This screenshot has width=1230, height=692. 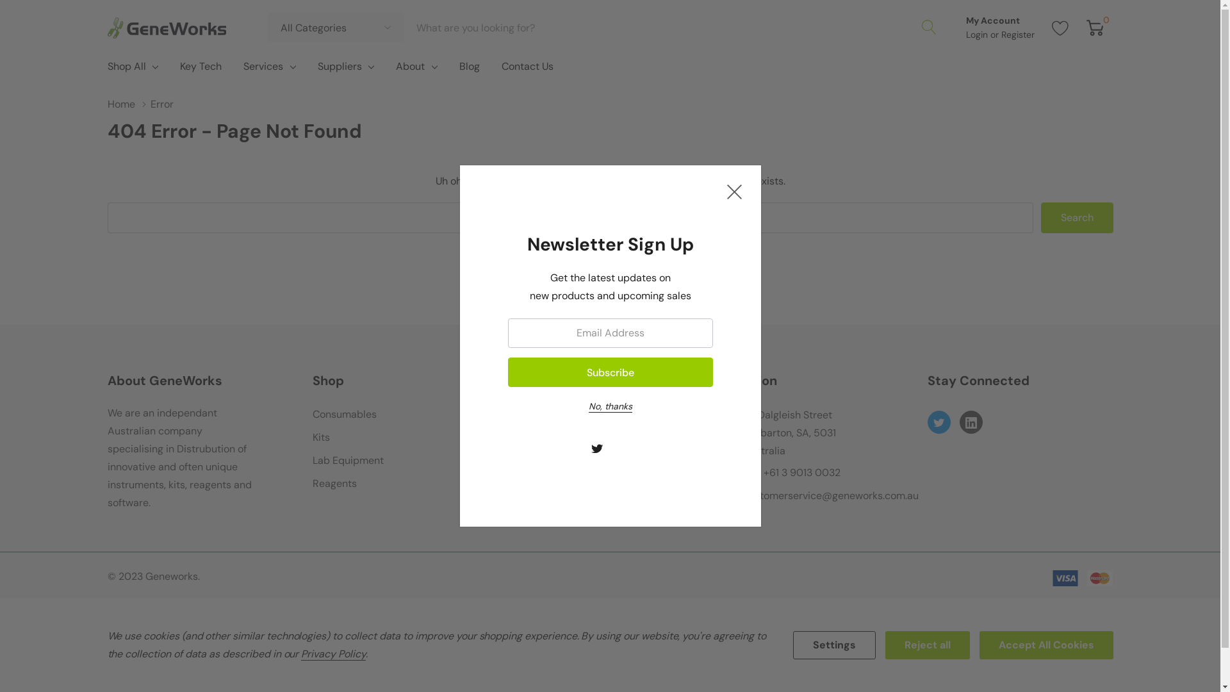 What do you see at coordinates (1076, 217) in the screenshot?
I see `'Search'` at bounding box center [1076, 217].